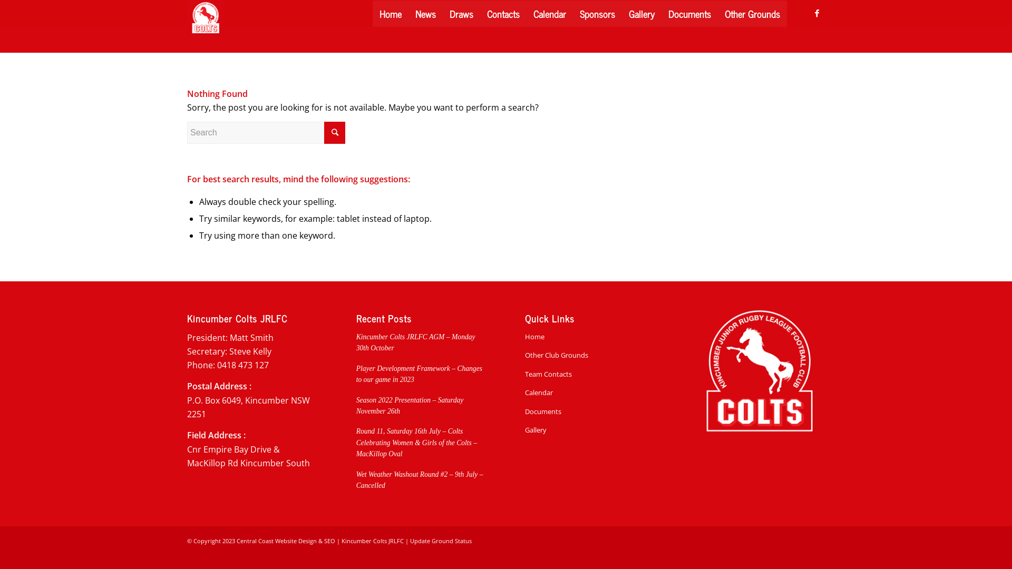 The image size is (1012, 569). I want to click on 'Central Coast Website Design & SEO', so click(236, 541).